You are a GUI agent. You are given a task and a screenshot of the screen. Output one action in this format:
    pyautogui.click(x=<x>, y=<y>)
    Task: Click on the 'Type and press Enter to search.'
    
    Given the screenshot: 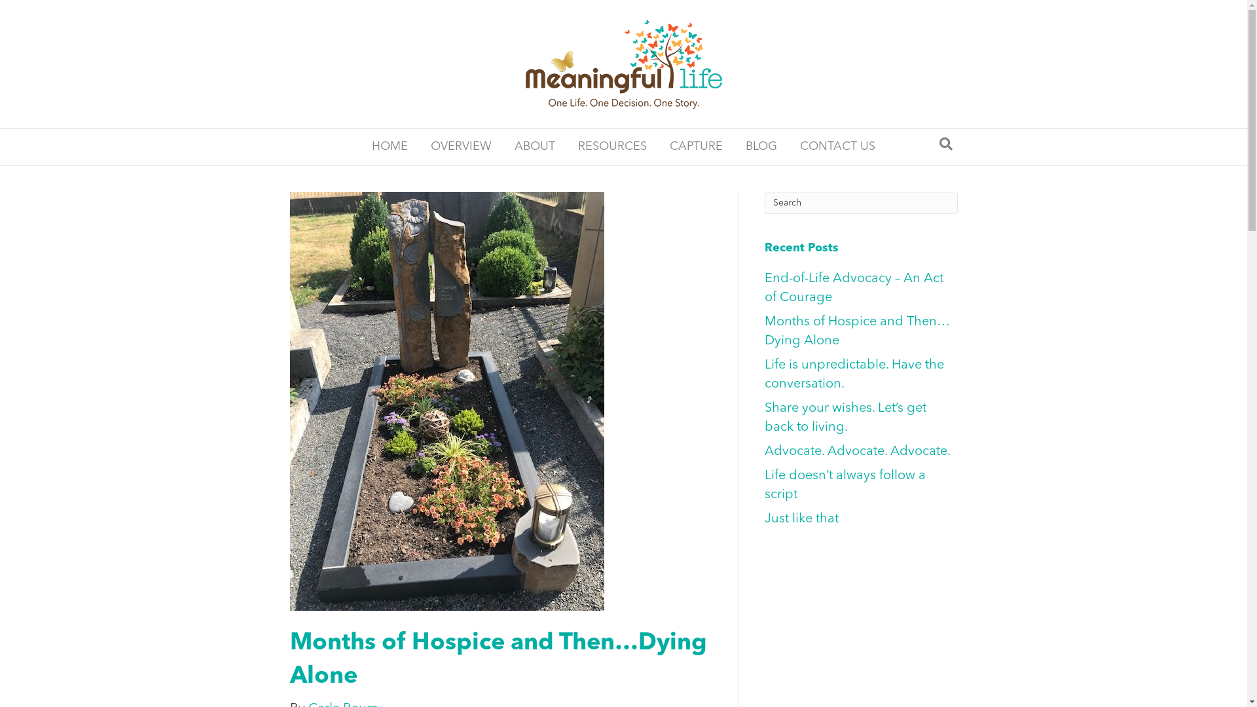 What is the action you would take?
    pyautogui.click(x=861, y=202)
    